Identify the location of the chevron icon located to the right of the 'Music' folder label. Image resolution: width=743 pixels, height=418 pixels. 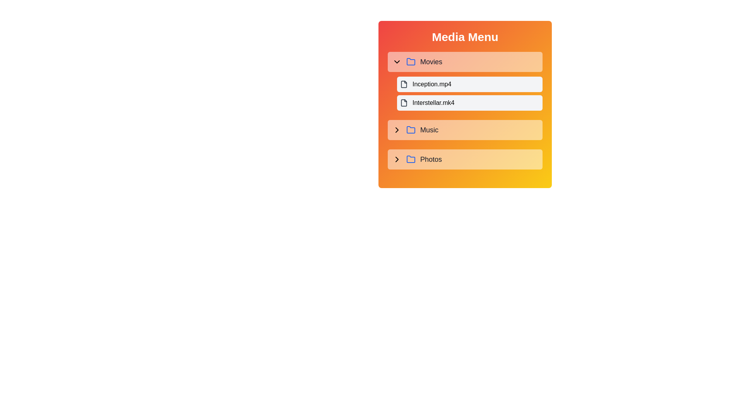
(397, 129).